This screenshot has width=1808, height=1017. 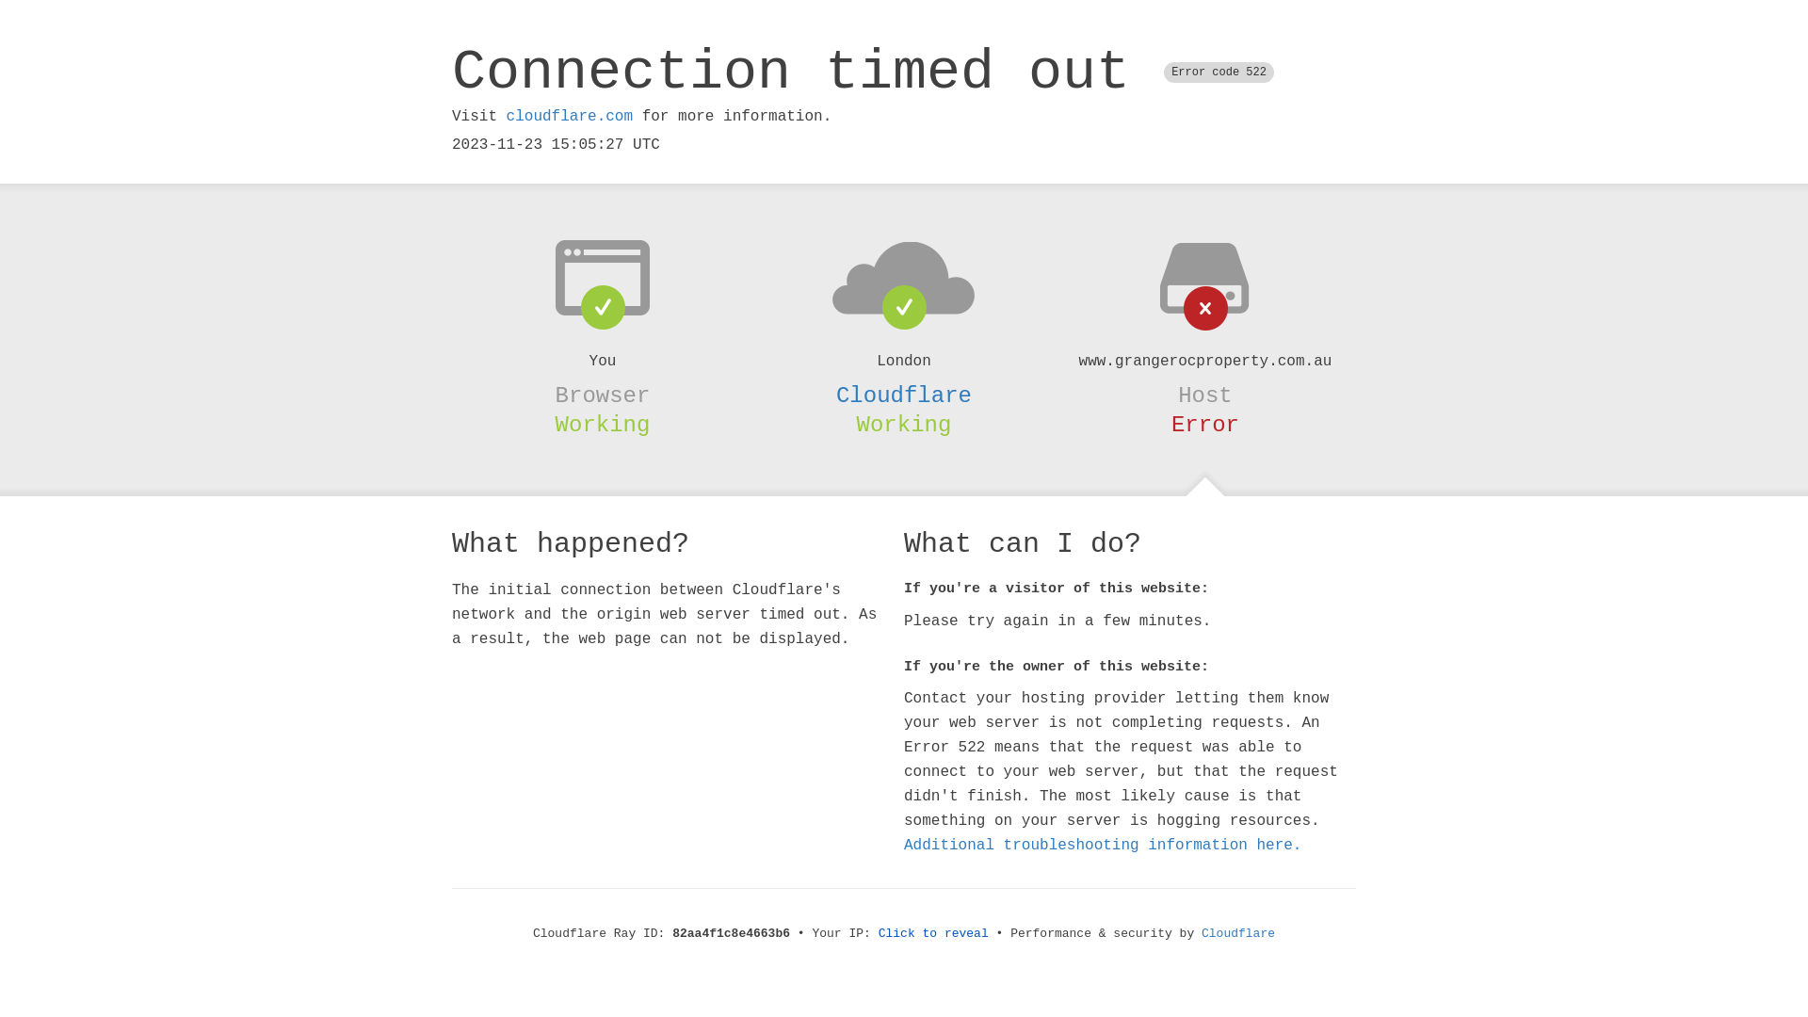 I want to click on 'Click to reveal', so click(x=933, y=933).